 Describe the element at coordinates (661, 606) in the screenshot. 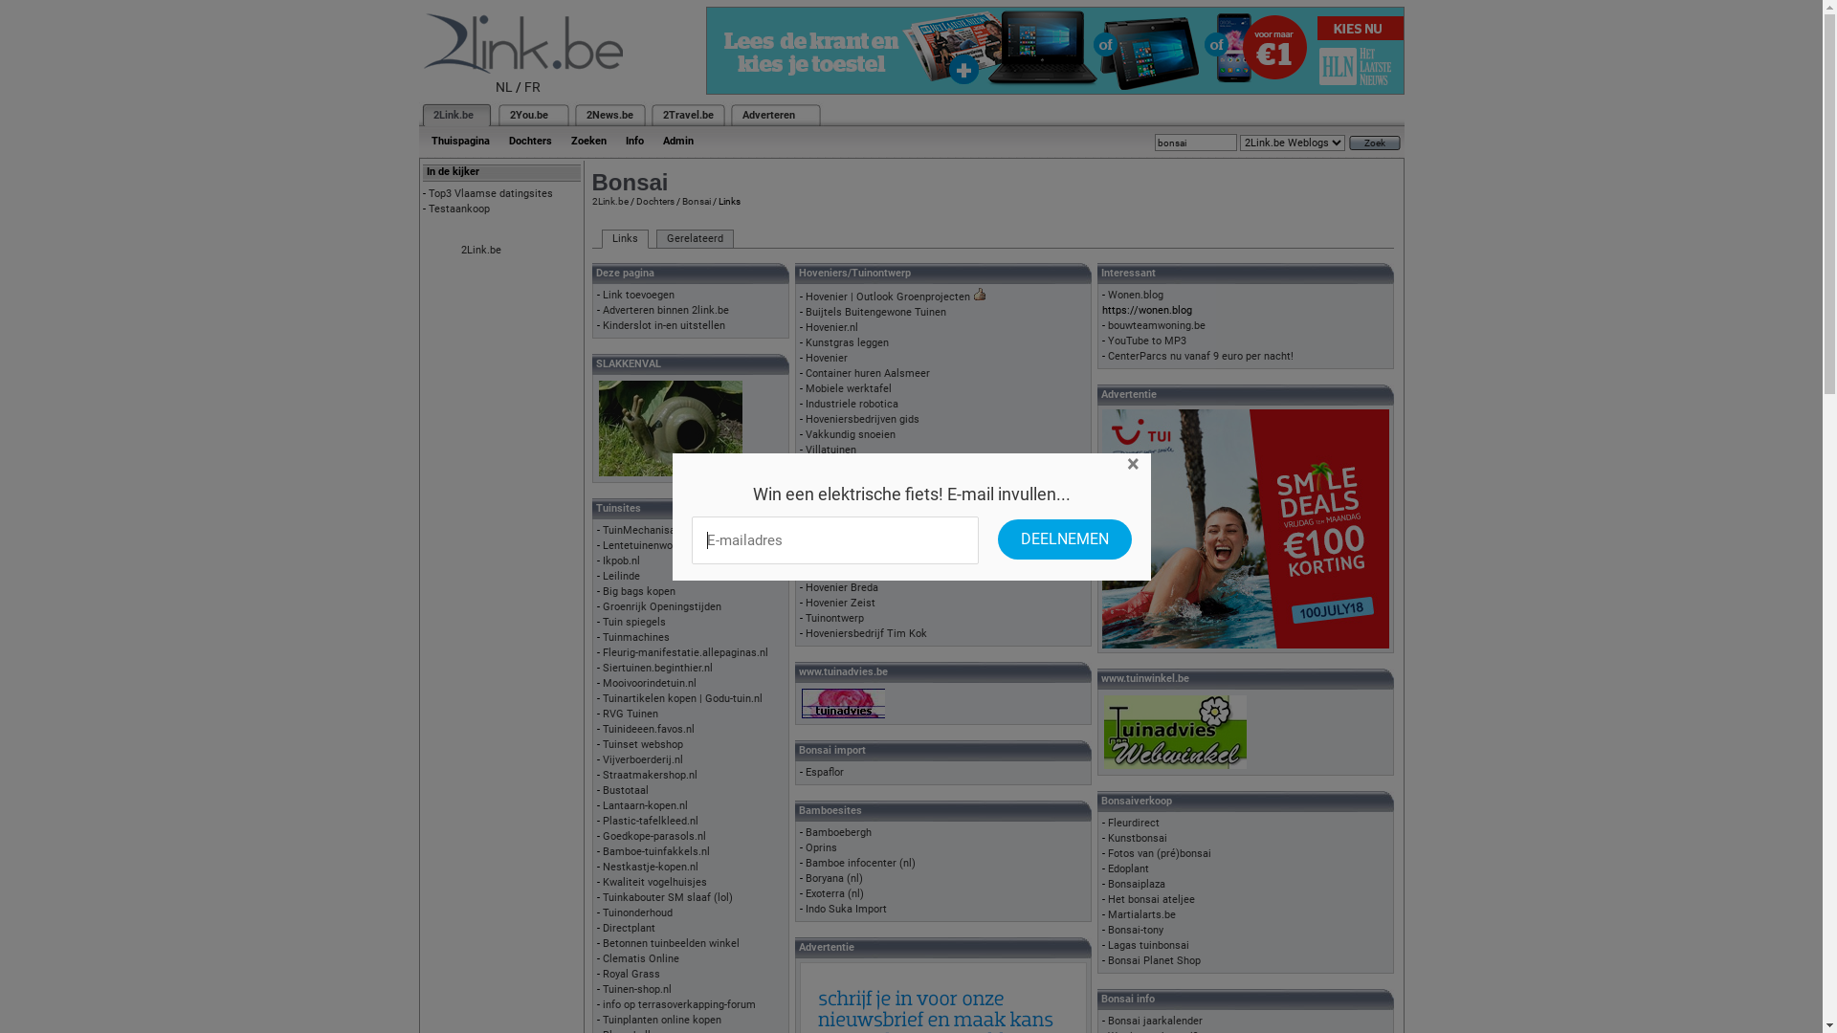

I see `'Groenrijk Openingstijden'` at that location.